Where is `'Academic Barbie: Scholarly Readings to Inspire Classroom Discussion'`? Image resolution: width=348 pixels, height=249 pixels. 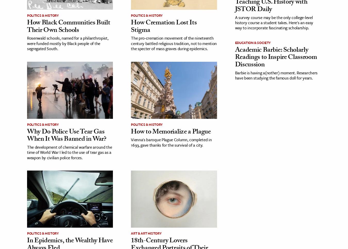 'Academic Barbie: Scholarly Readings to Inspire Classroom Discussion' is located at coordinates (276, 57).